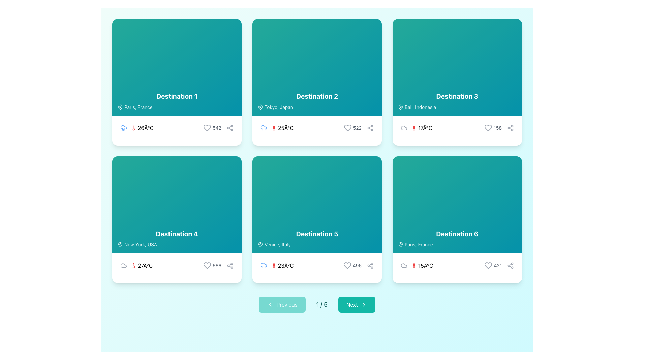 This screenshot has width=647, height=364. I want to click on temperature display from the Label that shows '23°C' with a thermometer icon in red and a rain cloud icon in blue, located within the fifth card labeled 'Destination 5', so click(277, 265).